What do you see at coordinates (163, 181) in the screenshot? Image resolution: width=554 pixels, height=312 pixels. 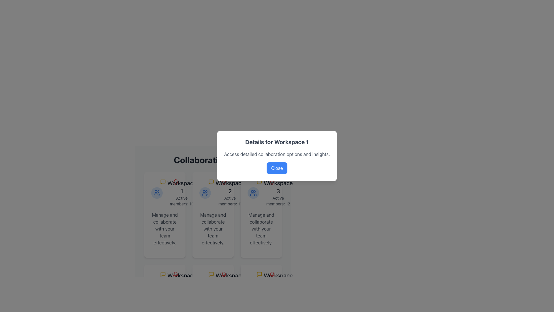 I see `the comments/messages icon located in the top-left corner of the 'Workspace 1' card` at bounding box center [163, 181].